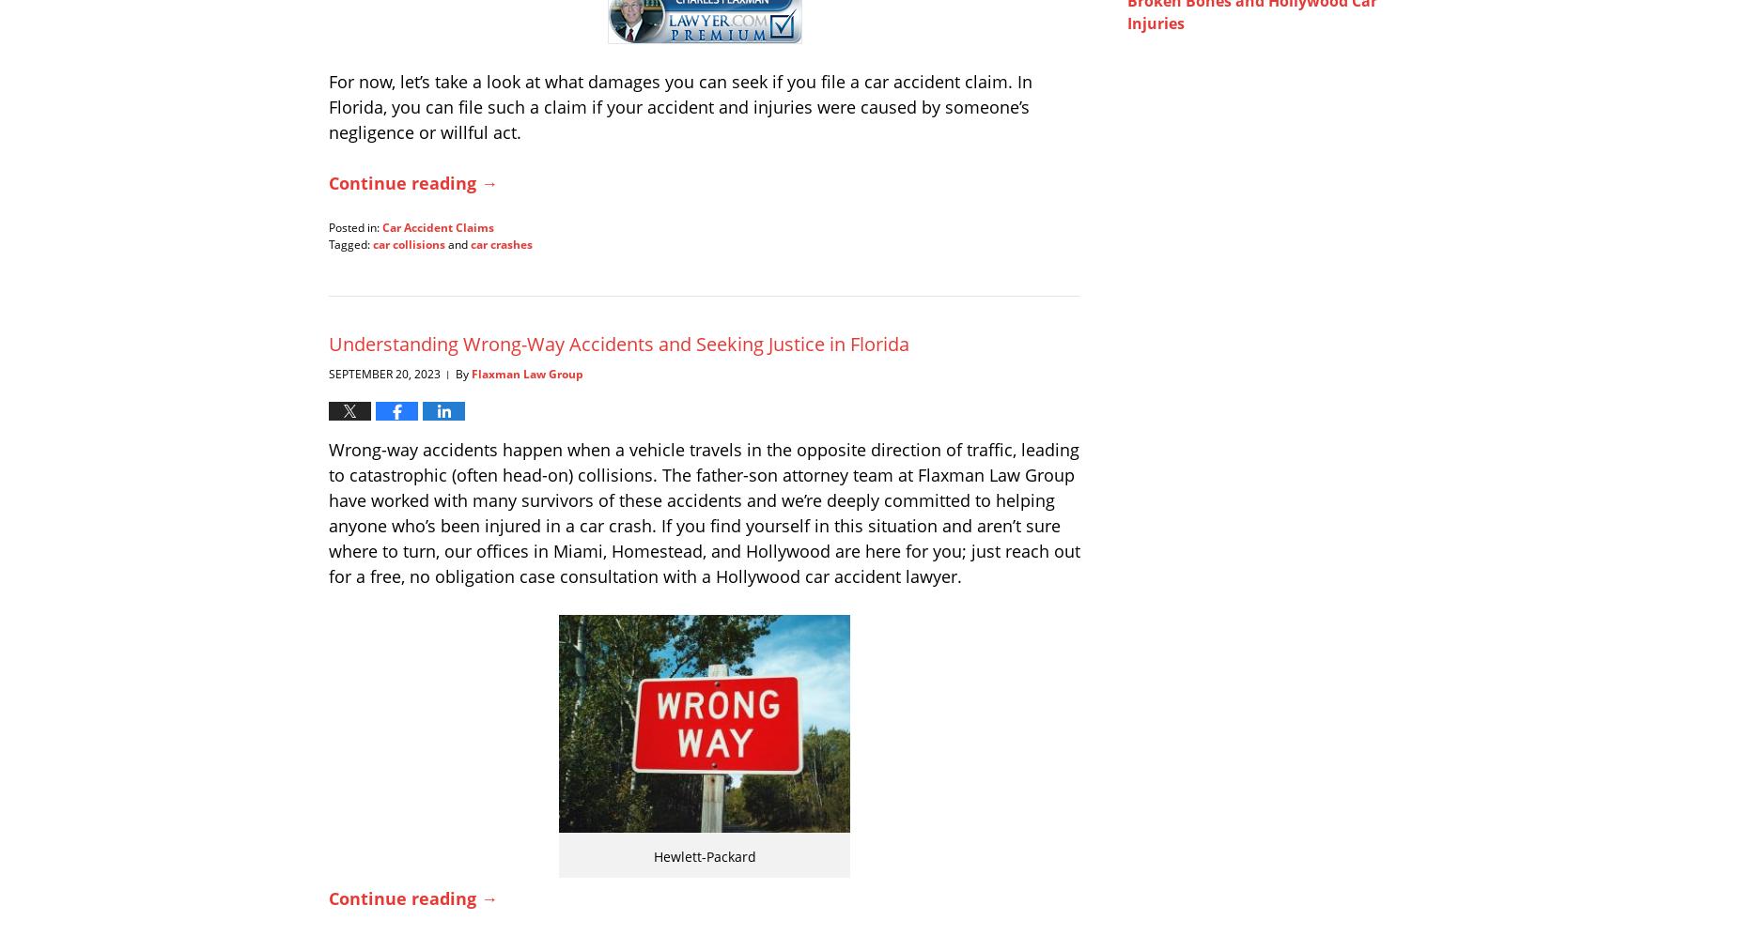  I want to click on 'Flaxman Law Group', so click(527, 373).